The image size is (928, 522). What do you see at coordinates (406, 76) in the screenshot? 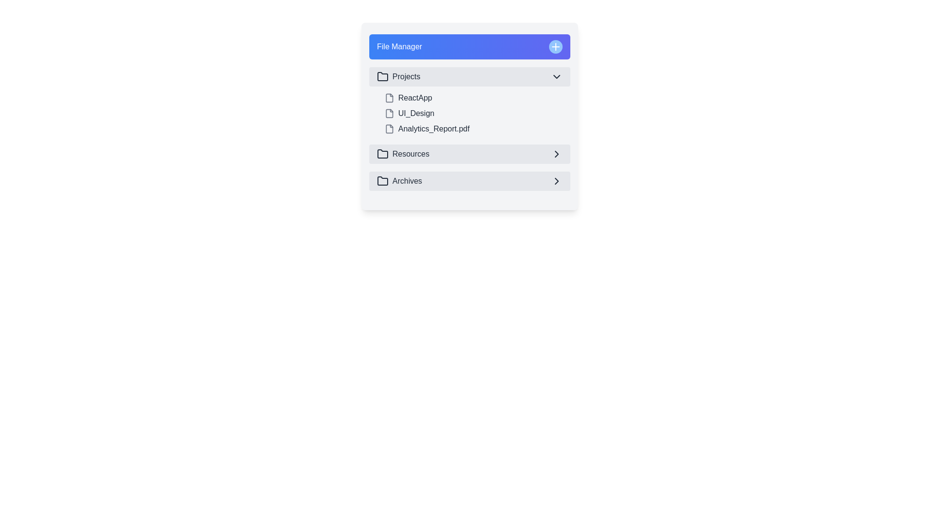
I see `the 'Projects' text label, which is styled in a sans-serif font and positioned in the upper-middle part of the file manager interface, adjacent to a folder icon and above the 'ReactApp' section` at bounding box center [406, 76].